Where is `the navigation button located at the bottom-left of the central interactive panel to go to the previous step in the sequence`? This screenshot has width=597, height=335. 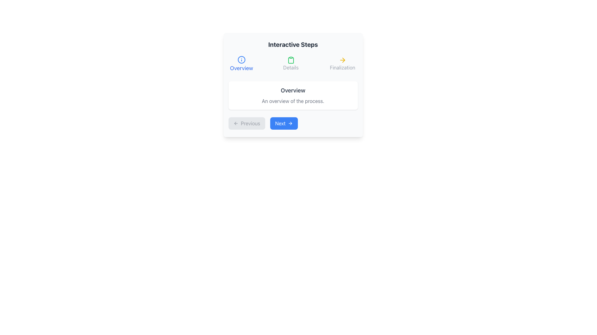
the navigation button located at the bottom-left of the central interactive panel to go to the previous step in the sequence is located at coordinates (246, 123).